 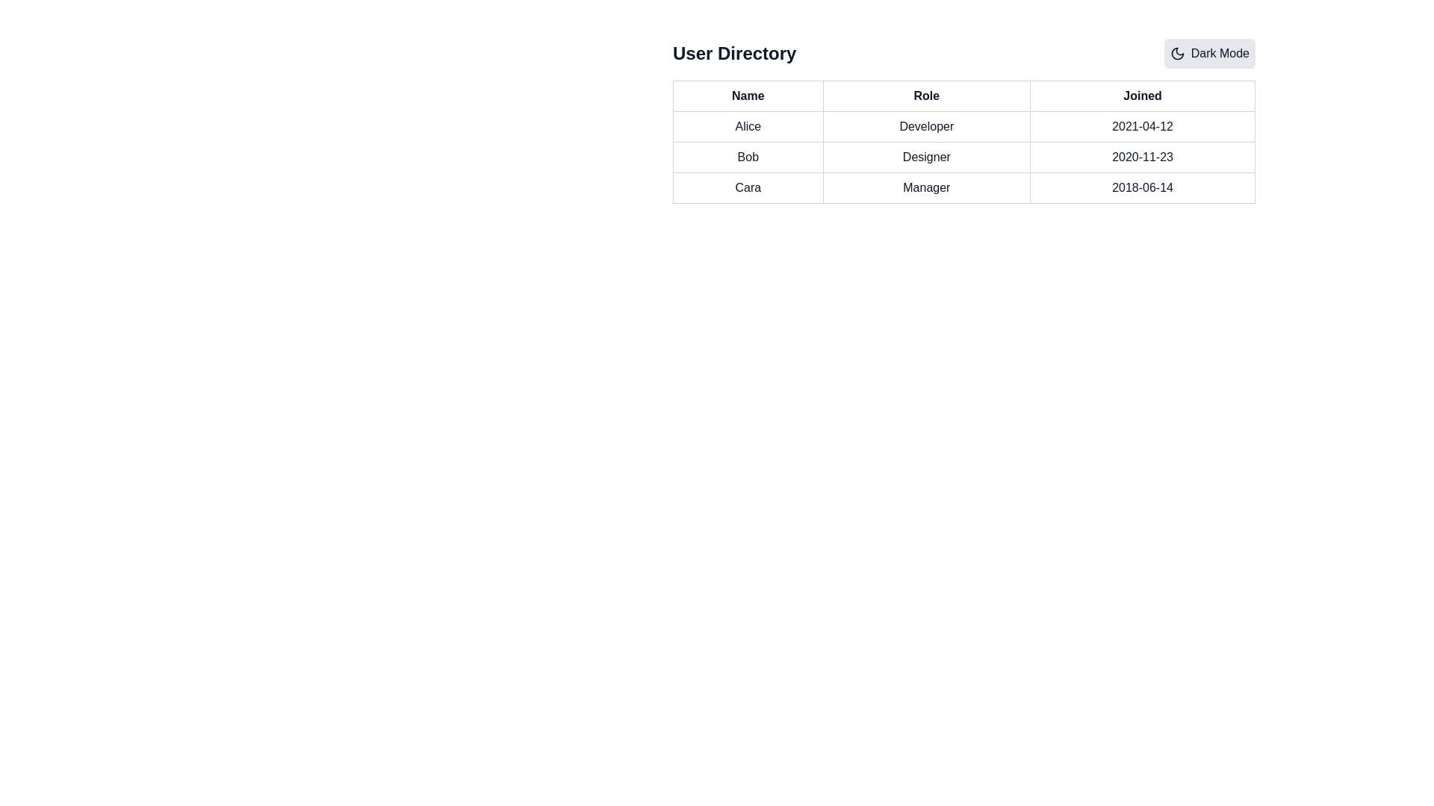 What do you see at coordinates (964, 157) in the screenshot?
I see `the table row displaying user details for 'Bob', which is the second row in the User Directory table` at bounding box center [964, 157].